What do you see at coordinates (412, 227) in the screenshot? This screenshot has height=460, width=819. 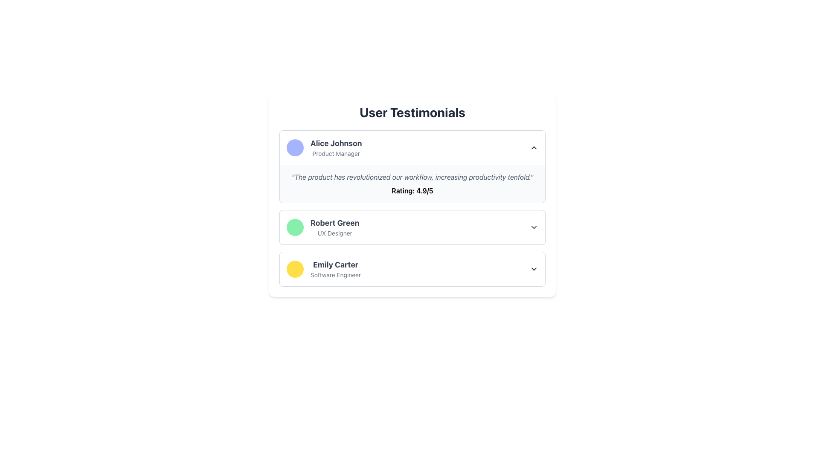 I see `the testimonial entry for user 'Robert Green', a UX Designer` at bounding box center [412, 227].